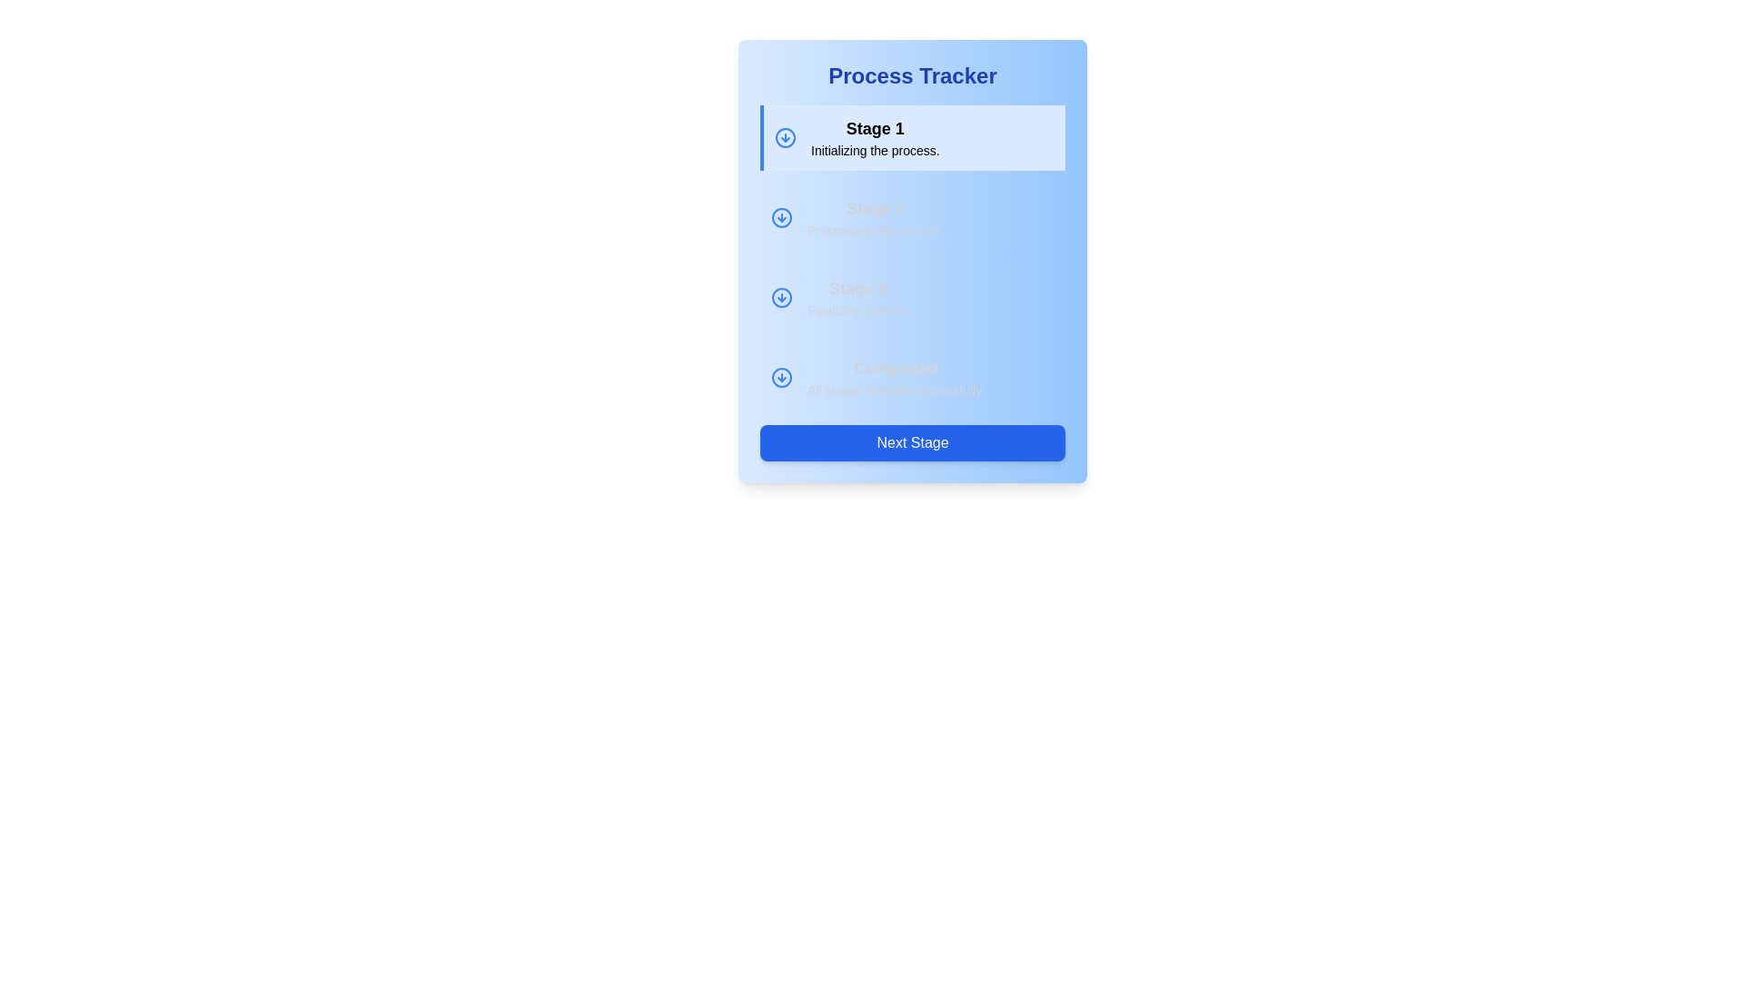 This screenshot has width=1744, height=981. What do you see at coordinates (875, 149) in the screenshot?
I see `the text label displaying 'Initializing the process.' which is located beneath the title 'Stage 1' in the 'Process Tracker' panel` at bounding box center [875, 149].